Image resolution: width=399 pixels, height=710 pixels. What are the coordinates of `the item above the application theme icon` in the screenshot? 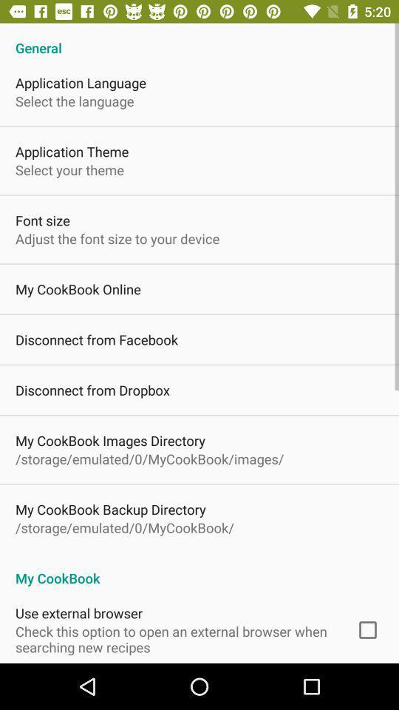 It's located at (74, 100).